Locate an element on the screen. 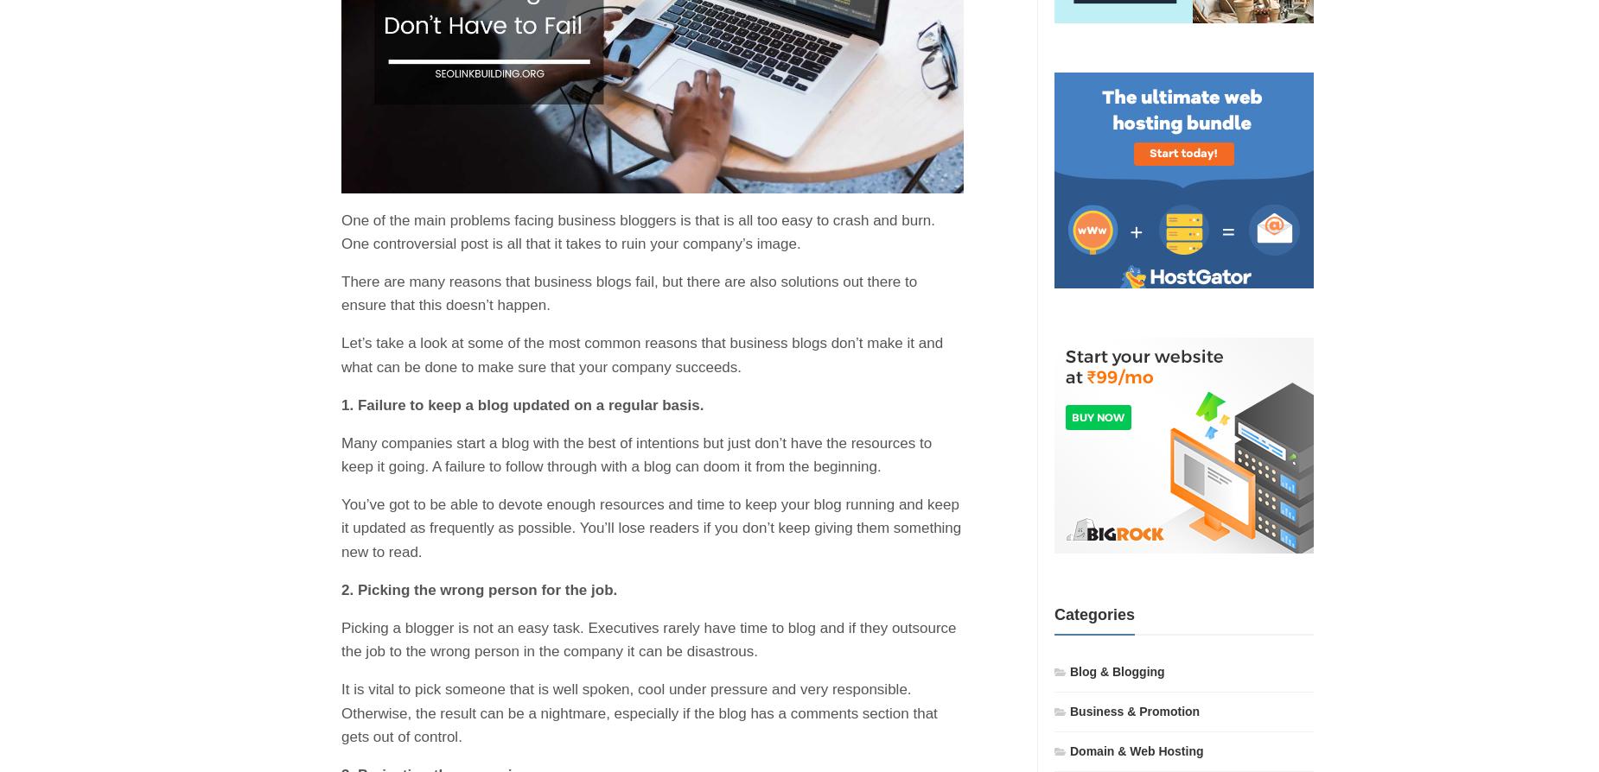  'Many companies start a blog with the best of intentions but just don’t have the resources to keep it going. A failure to follow through with a blog can doom it from the beginning.' is located at coordinates (636, 454).